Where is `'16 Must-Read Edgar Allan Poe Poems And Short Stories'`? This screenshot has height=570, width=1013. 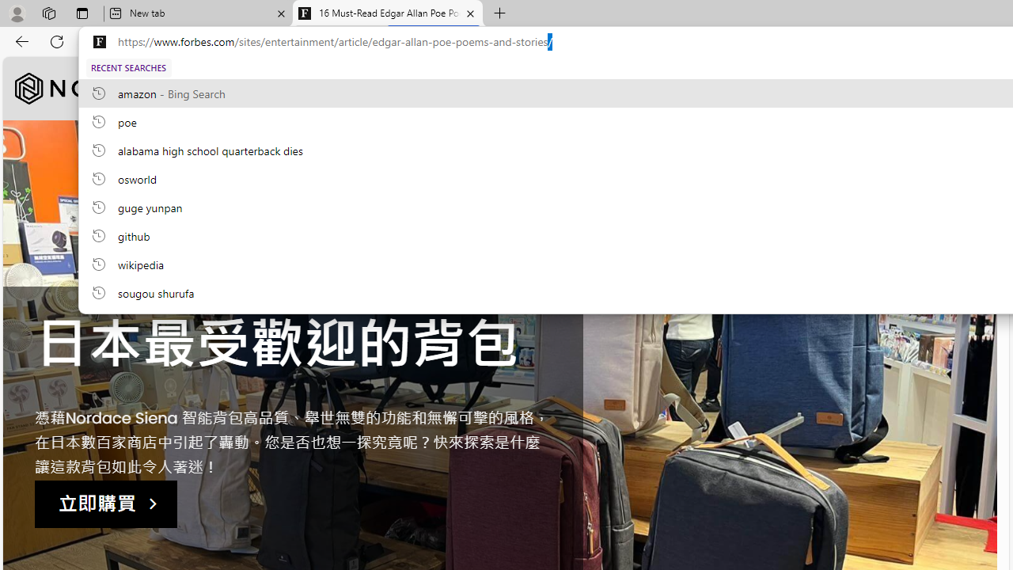 '16 Must-Read Edgar Allan Poe Poems And Short Stories' is located at coordinates (388, 13).